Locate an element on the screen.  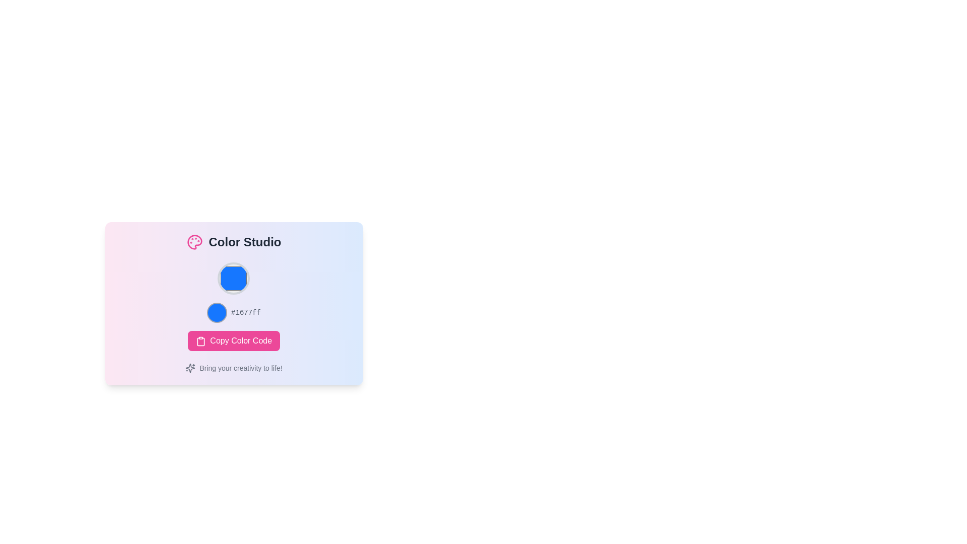
text 'Color Studio' from the header element that consists of a pink paint palette icon and a bold dark gray title, located at the top of the card-like component is located at coordinates (233, 242).